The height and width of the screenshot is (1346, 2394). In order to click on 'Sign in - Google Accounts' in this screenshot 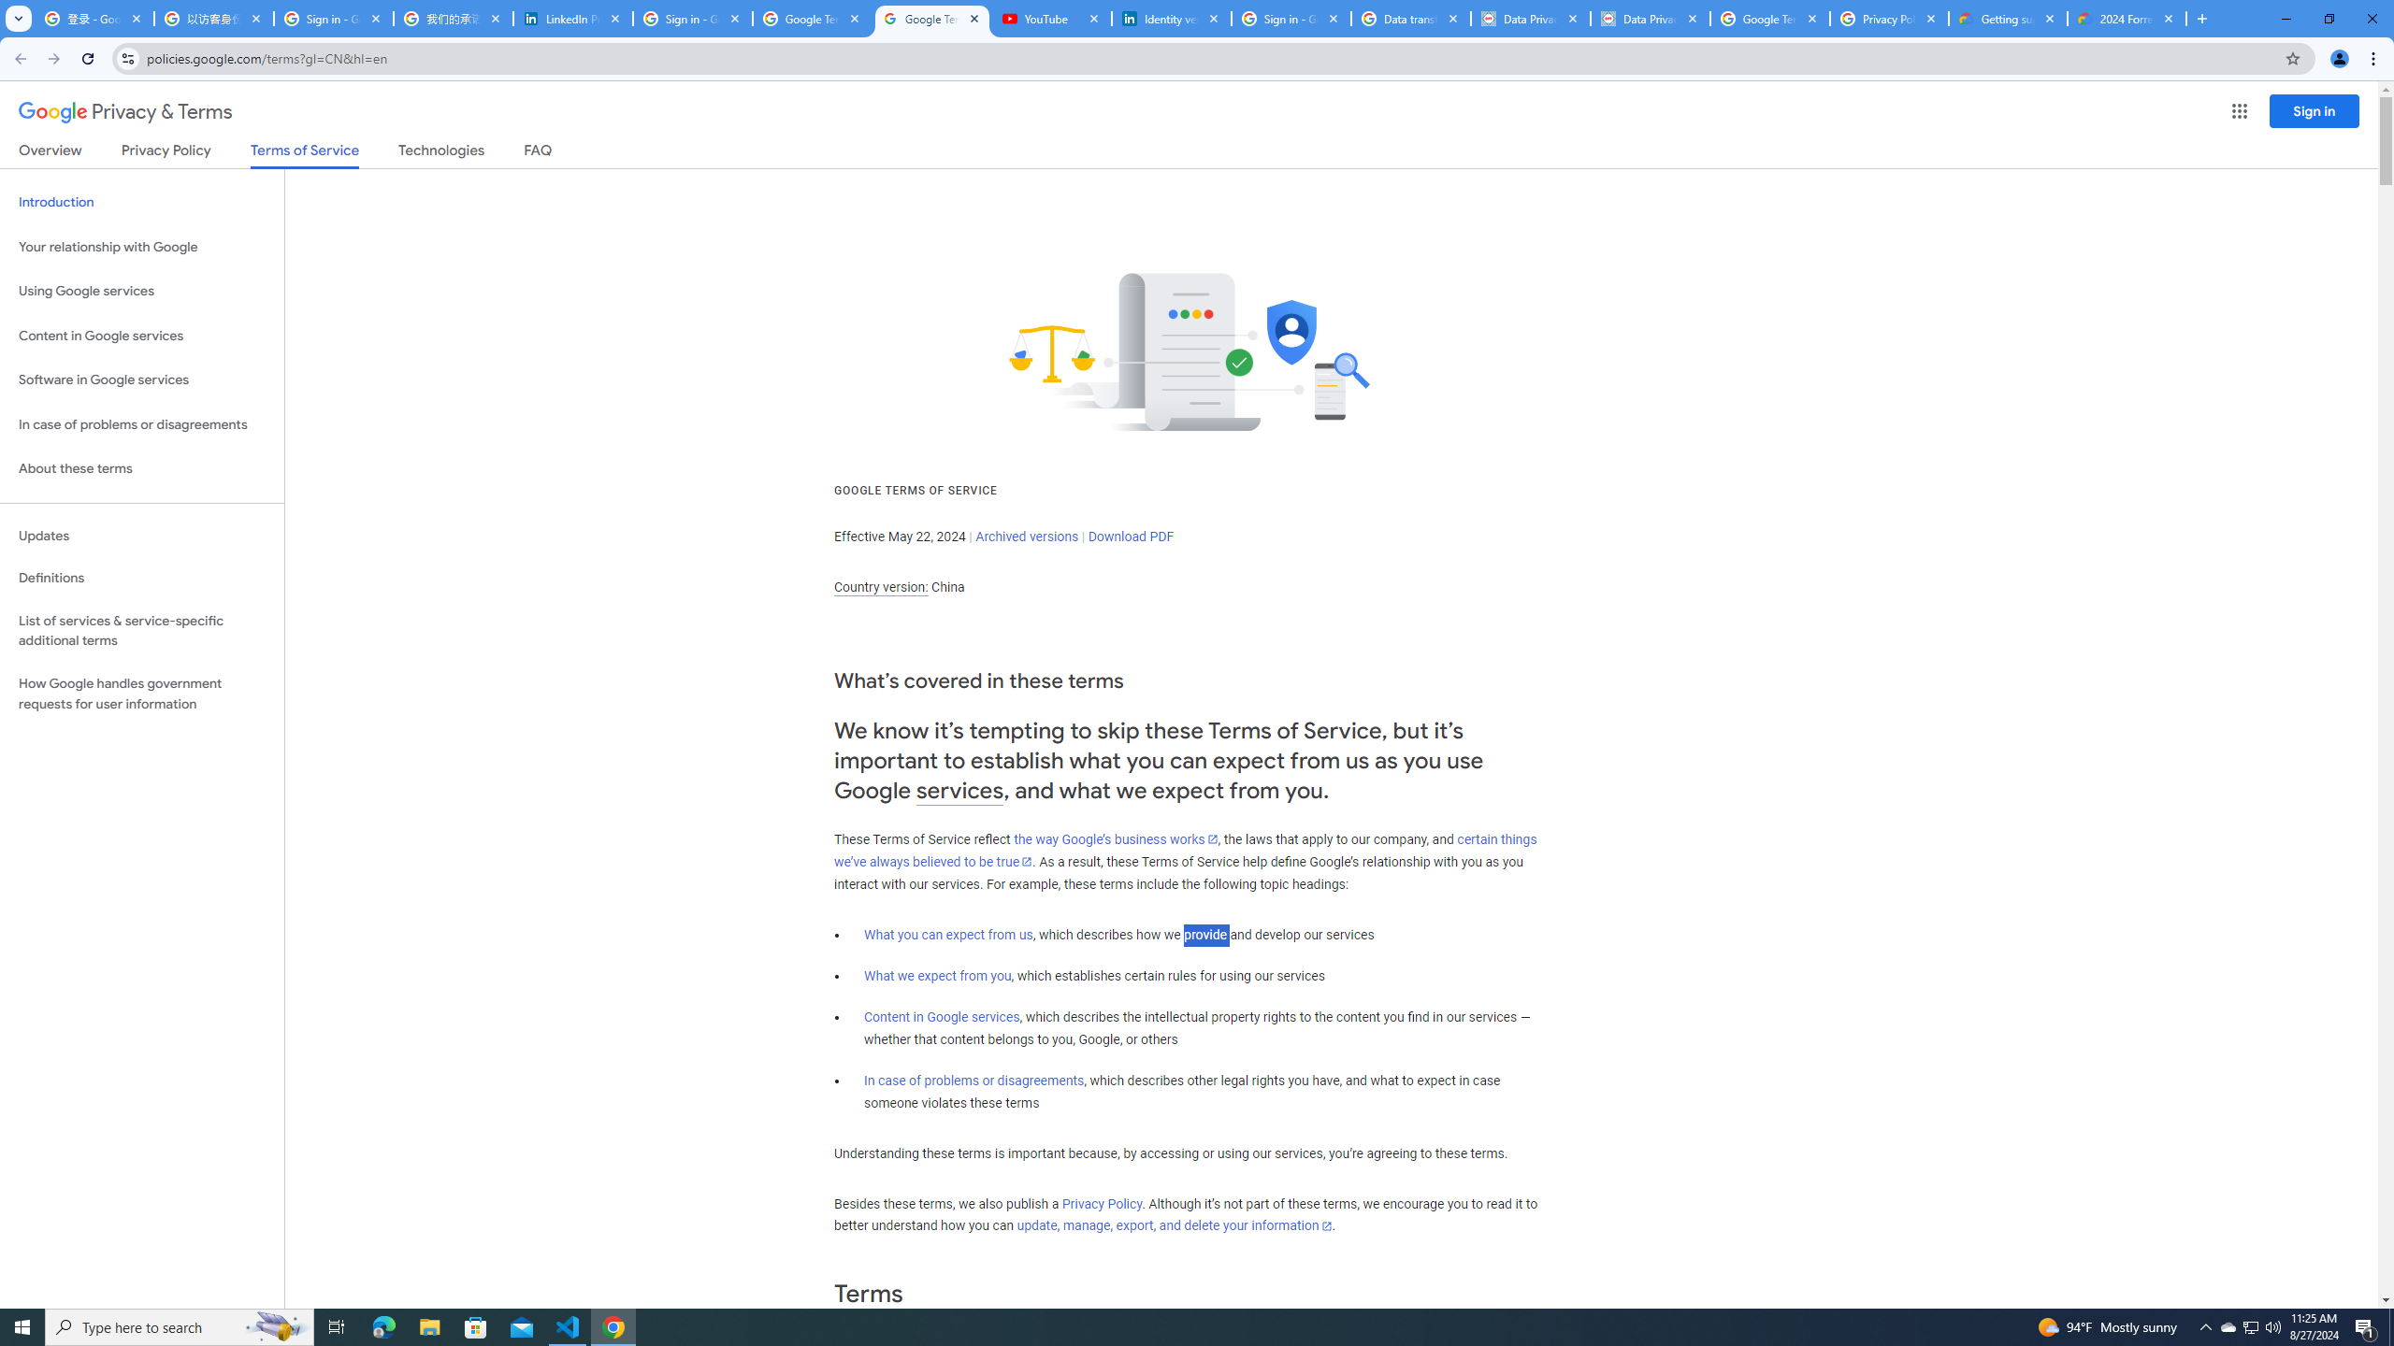, I will do `click(333, 18)`.